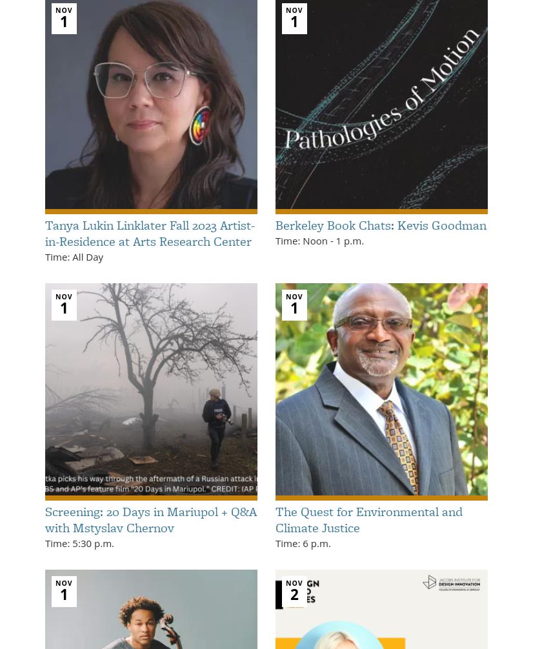 The width and height of the screenshot is (542, 649). Describe the element at coordinates (303, 542) in the screenshot. I see `'Time: 6 p.m.'` at that location.